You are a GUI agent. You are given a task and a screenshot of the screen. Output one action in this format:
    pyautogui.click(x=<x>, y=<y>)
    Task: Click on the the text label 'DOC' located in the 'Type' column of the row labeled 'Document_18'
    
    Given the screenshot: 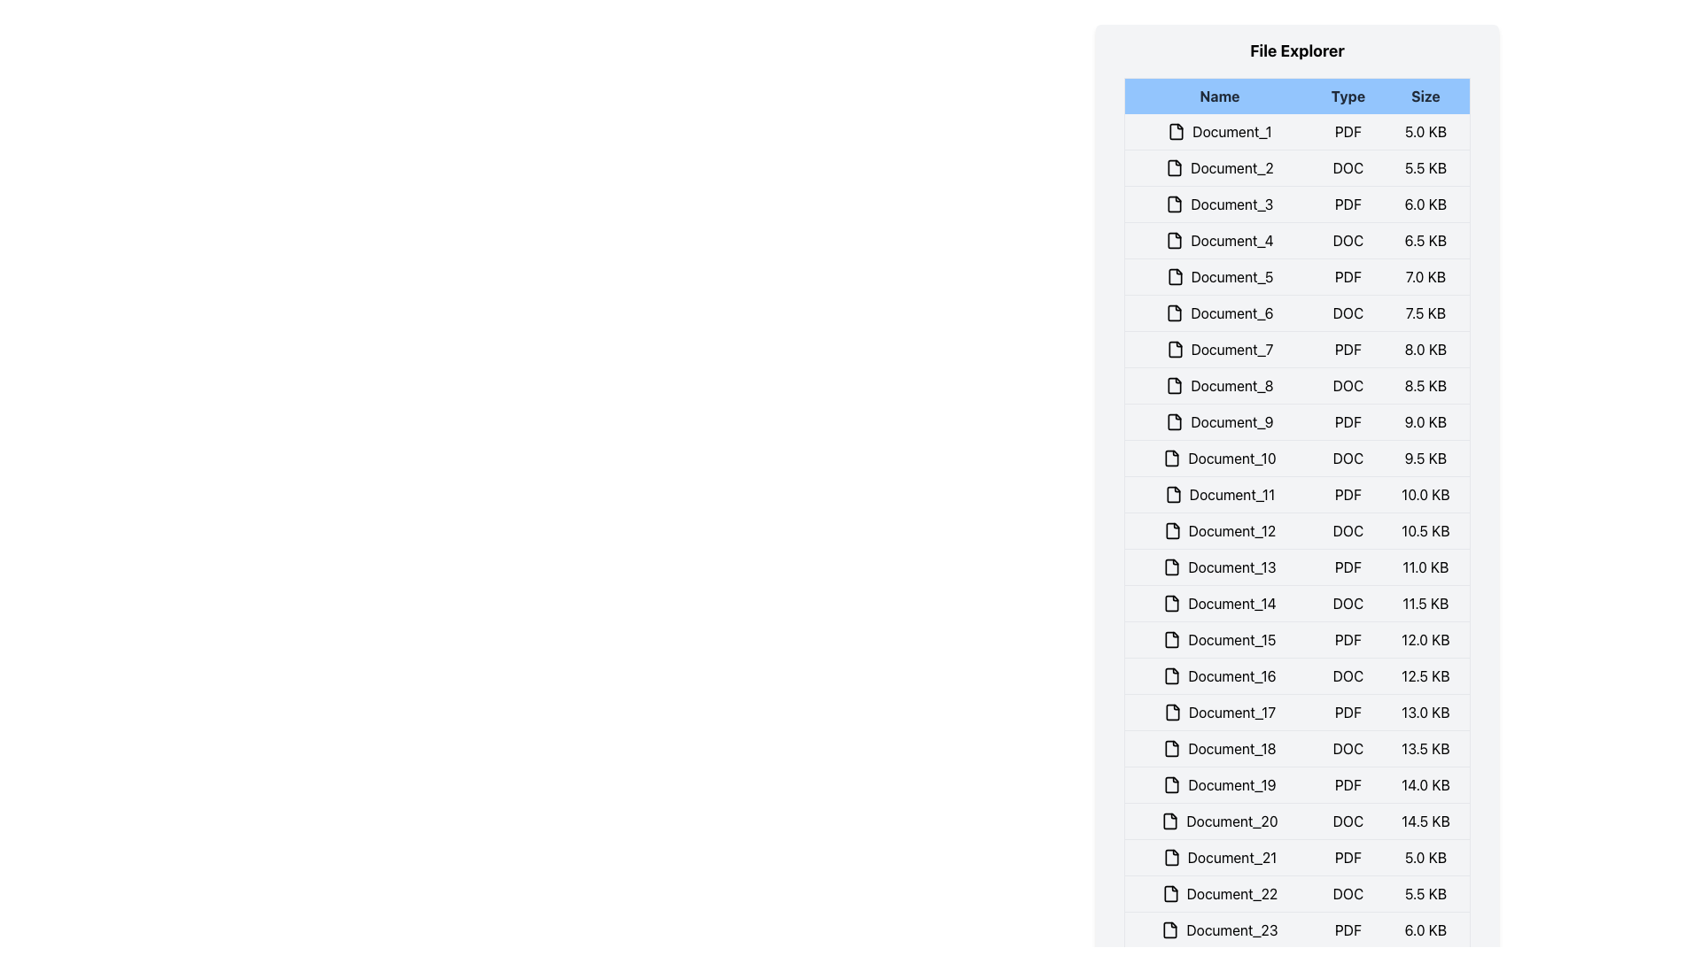 What is the action you would take?
    pyautogui.click(x=1347, y=748)
    